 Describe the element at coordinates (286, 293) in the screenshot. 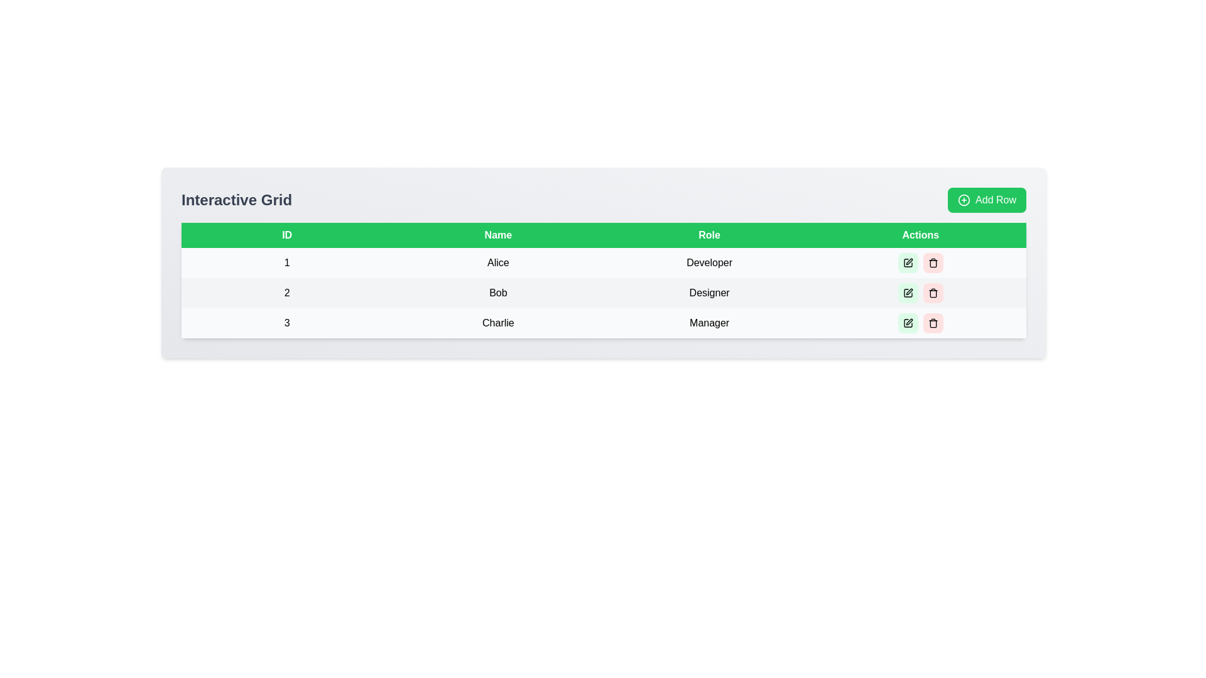

I see `the static text label identifying the row's ID value for 'Bob' the Designer in the table` at that location.